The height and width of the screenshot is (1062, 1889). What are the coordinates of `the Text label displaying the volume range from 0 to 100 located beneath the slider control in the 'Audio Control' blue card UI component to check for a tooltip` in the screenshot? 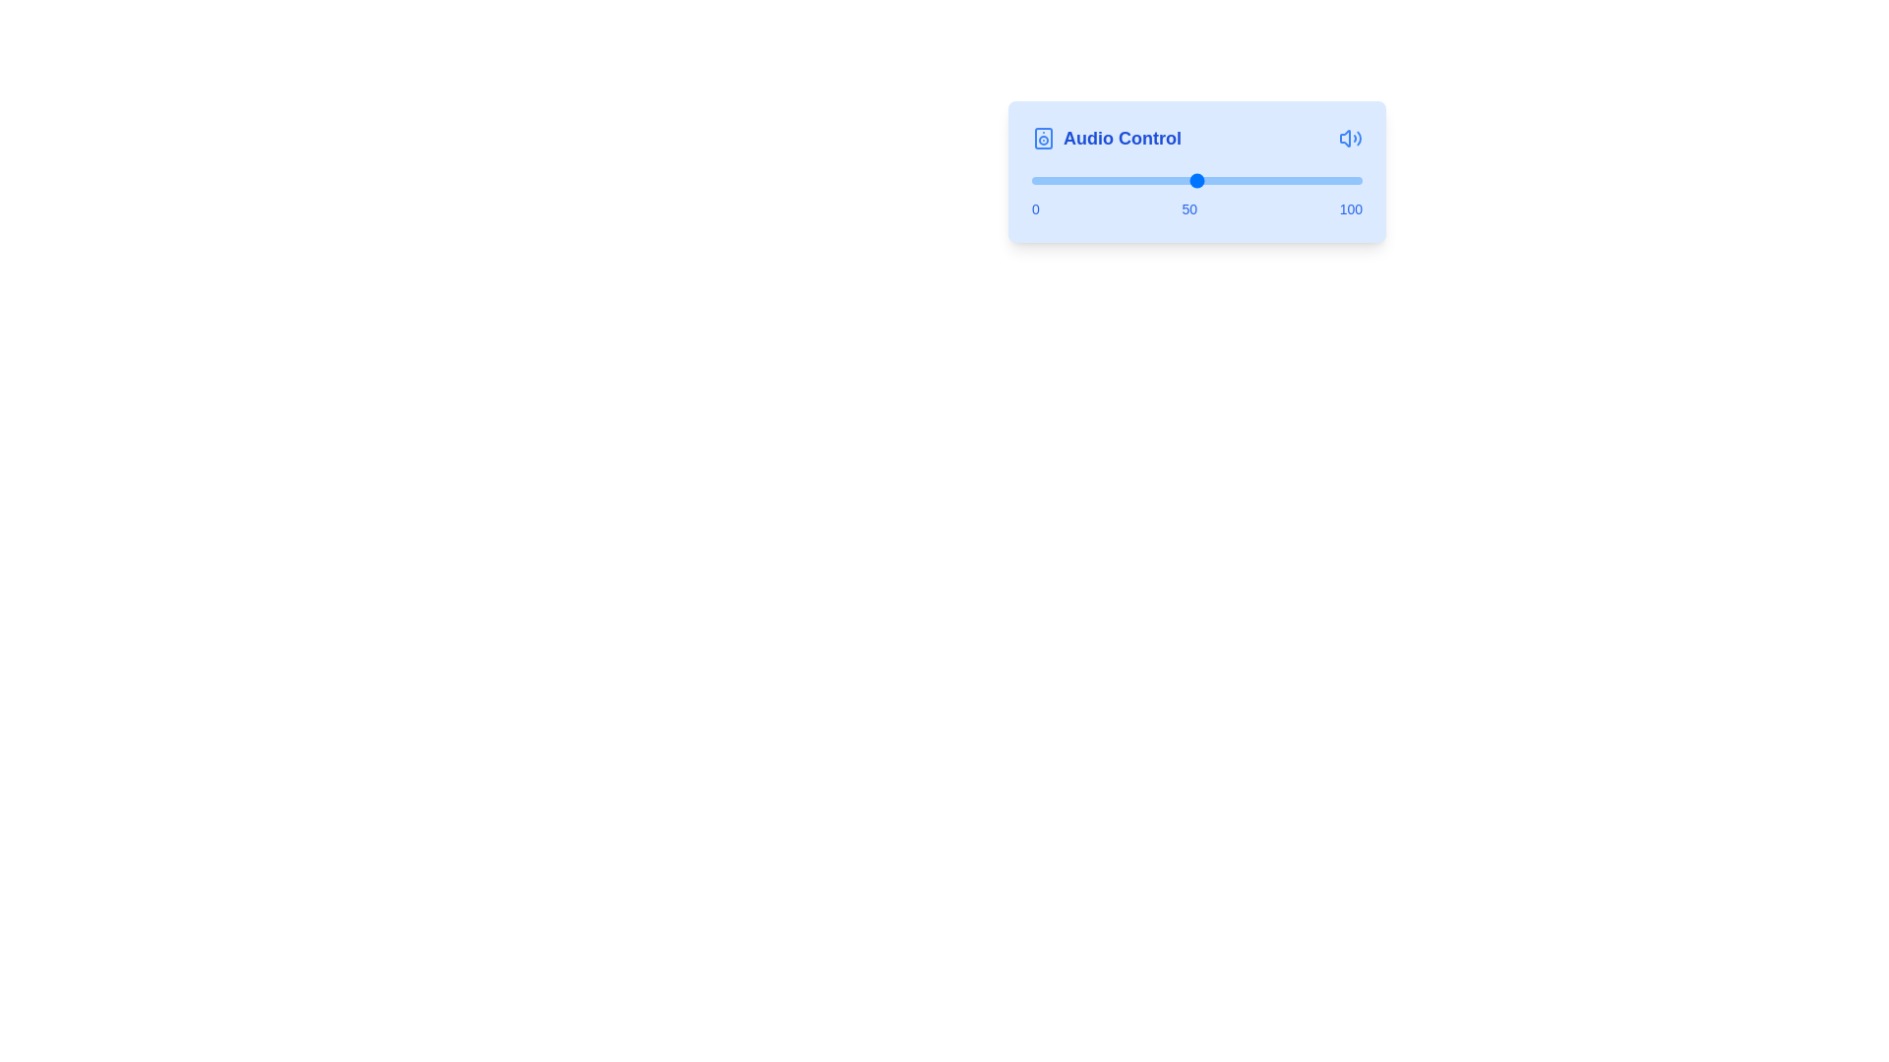 It's located at (1196, 208).